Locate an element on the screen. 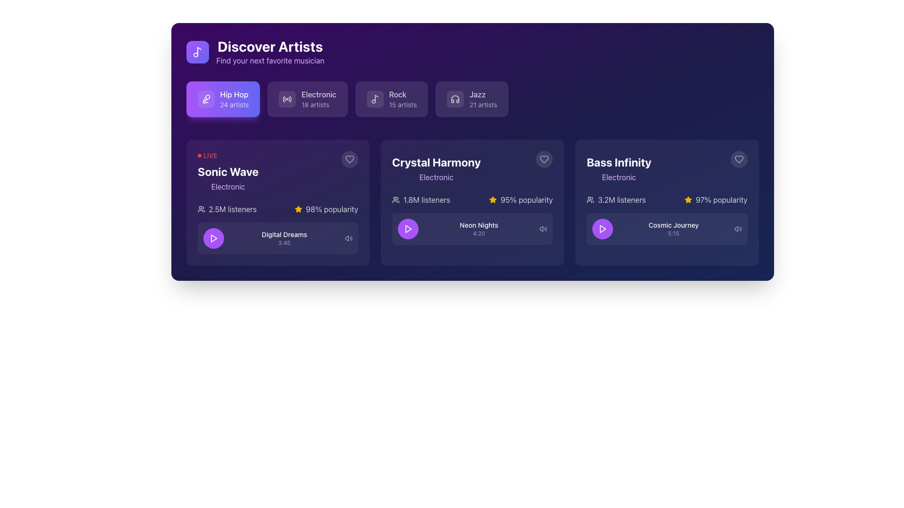  text label displaying '2.5M listeners' located within the first card representing 'Sonic Wave' below the heading 'Discover Artists.' is located at coordinates (233, 208).